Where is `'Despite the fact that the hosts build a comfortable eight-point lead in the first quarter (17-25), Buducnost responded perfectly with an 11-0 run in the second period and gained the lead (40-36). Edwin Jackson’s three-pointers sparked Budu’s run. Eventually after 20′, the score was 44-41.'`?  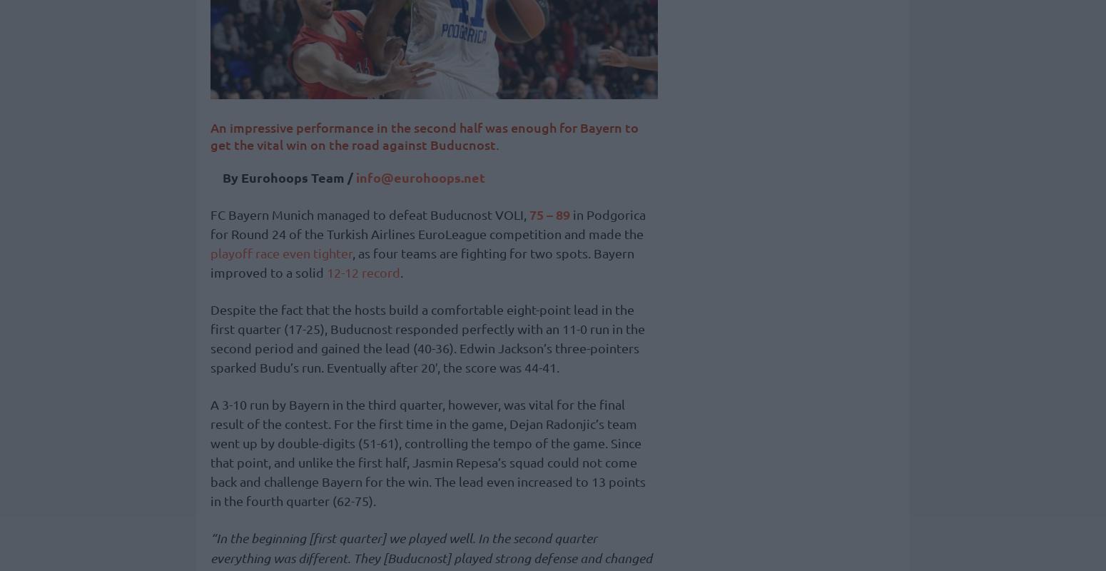
'Despite the fact that the hosts build a comfortable eight-point lead in the first quarter (17-25), Buducnost responded perfectly with an 11-0 run in the second period and gained the lead (40-36). Edwin Jackson’s three-pointers sparked Budu’s run. Eventually after 20′, the score was 44-41.' is located at coordinates (427, 338).